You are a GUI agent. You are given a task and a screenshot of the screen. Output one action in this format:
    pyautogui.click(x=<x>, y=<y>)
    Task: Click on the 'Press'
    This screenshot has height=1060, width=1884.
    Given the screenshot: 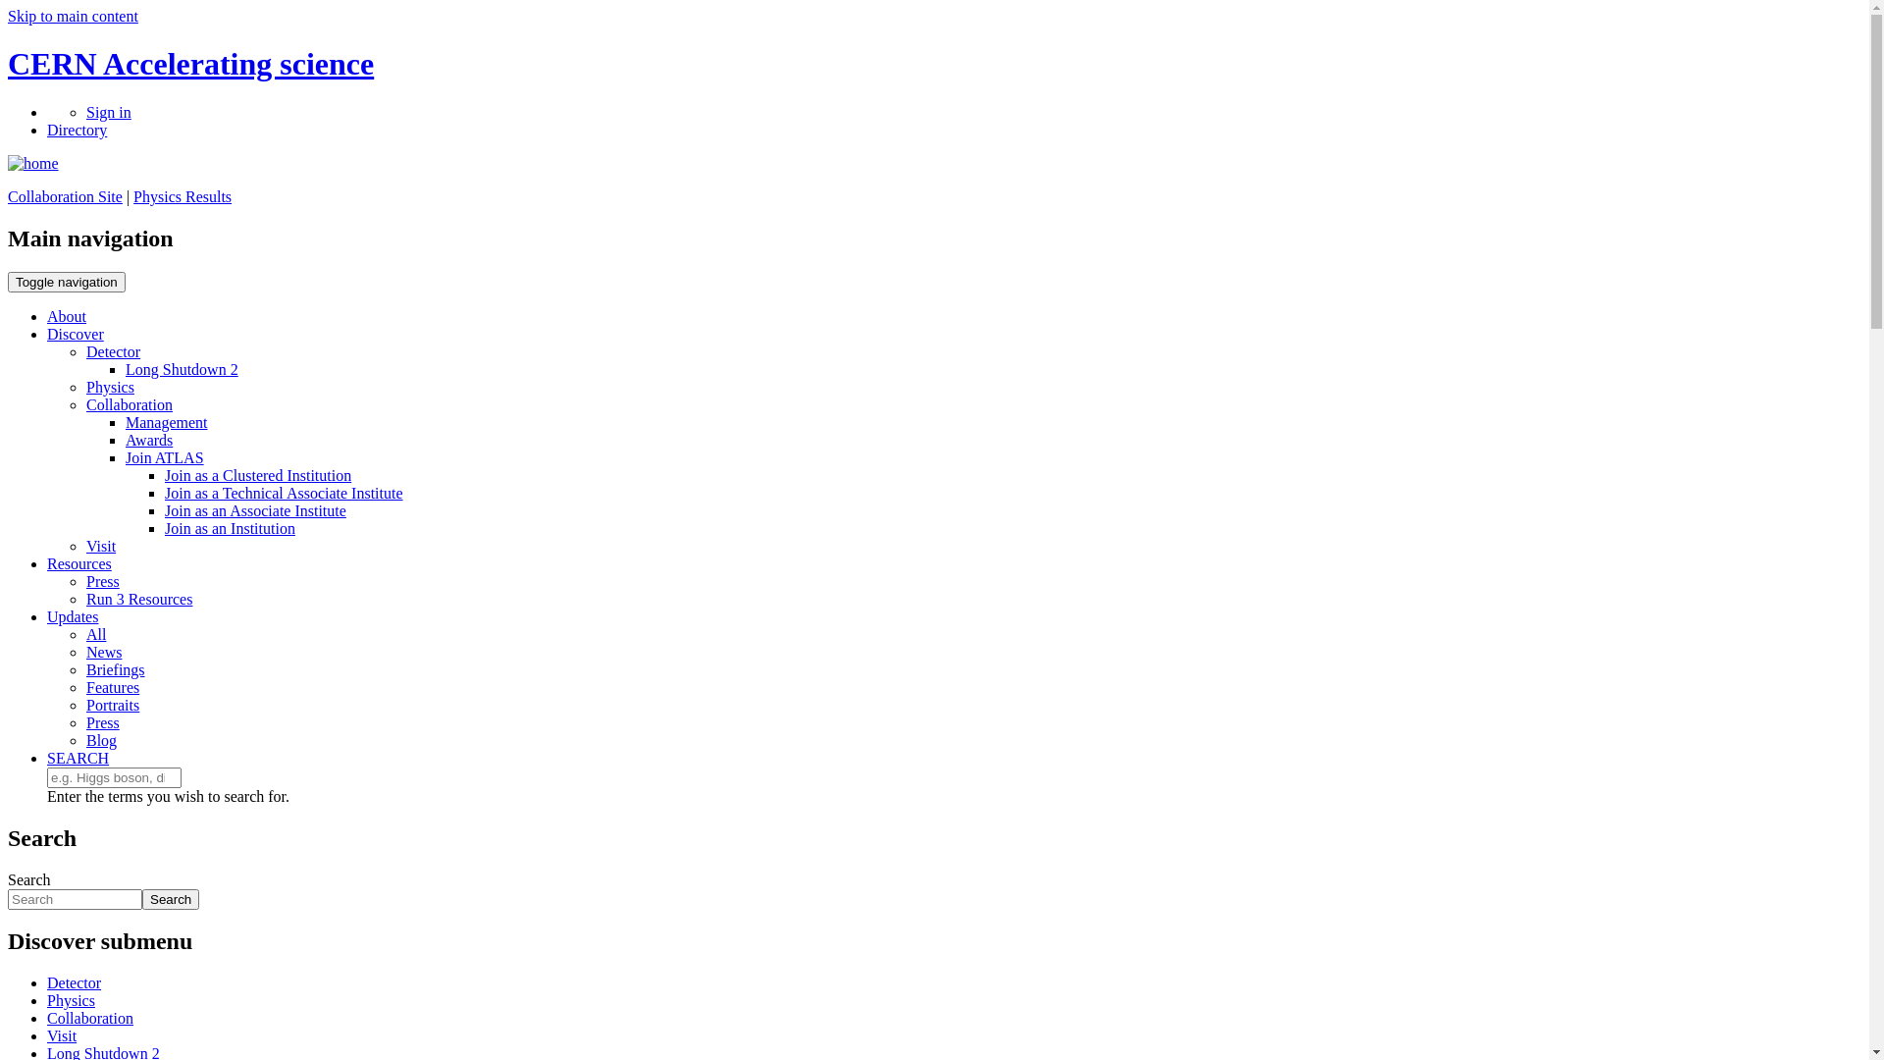 What is the action you would take?
    pyautogui.click(x=102, y=722)
    